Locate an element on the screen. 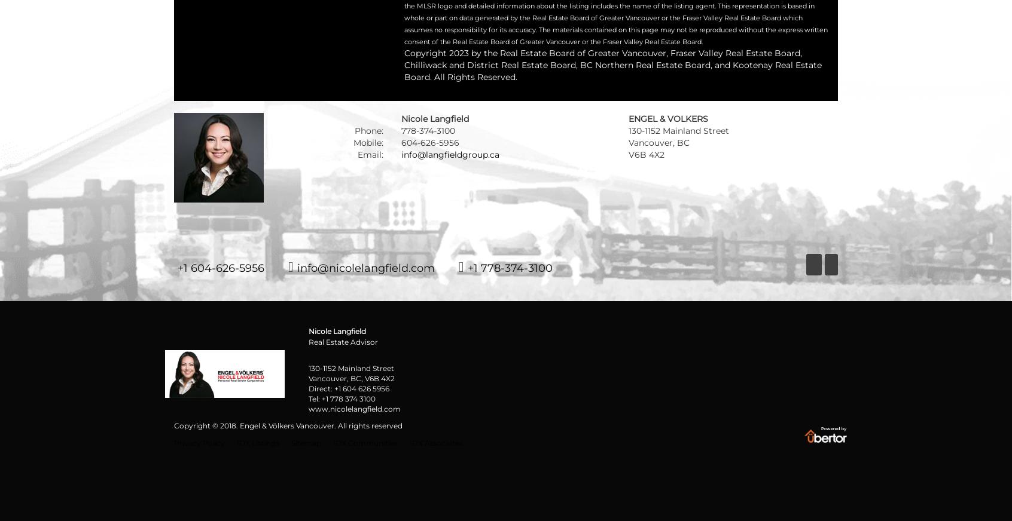  'IDX Associates' is located at coordinates (435, 442).